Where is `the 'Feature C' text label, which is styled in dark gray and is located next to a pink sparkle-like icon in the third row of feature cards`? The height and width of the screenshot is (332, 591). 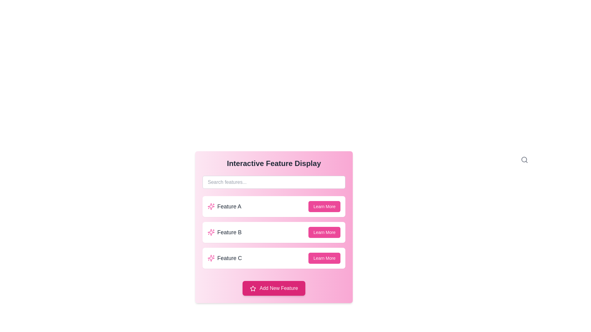
the 'Feature C' text label, which is styled in dark gray and is located next to a pink sparkle-like icon in the third row of feature cards is located at coordinates (224, 258).